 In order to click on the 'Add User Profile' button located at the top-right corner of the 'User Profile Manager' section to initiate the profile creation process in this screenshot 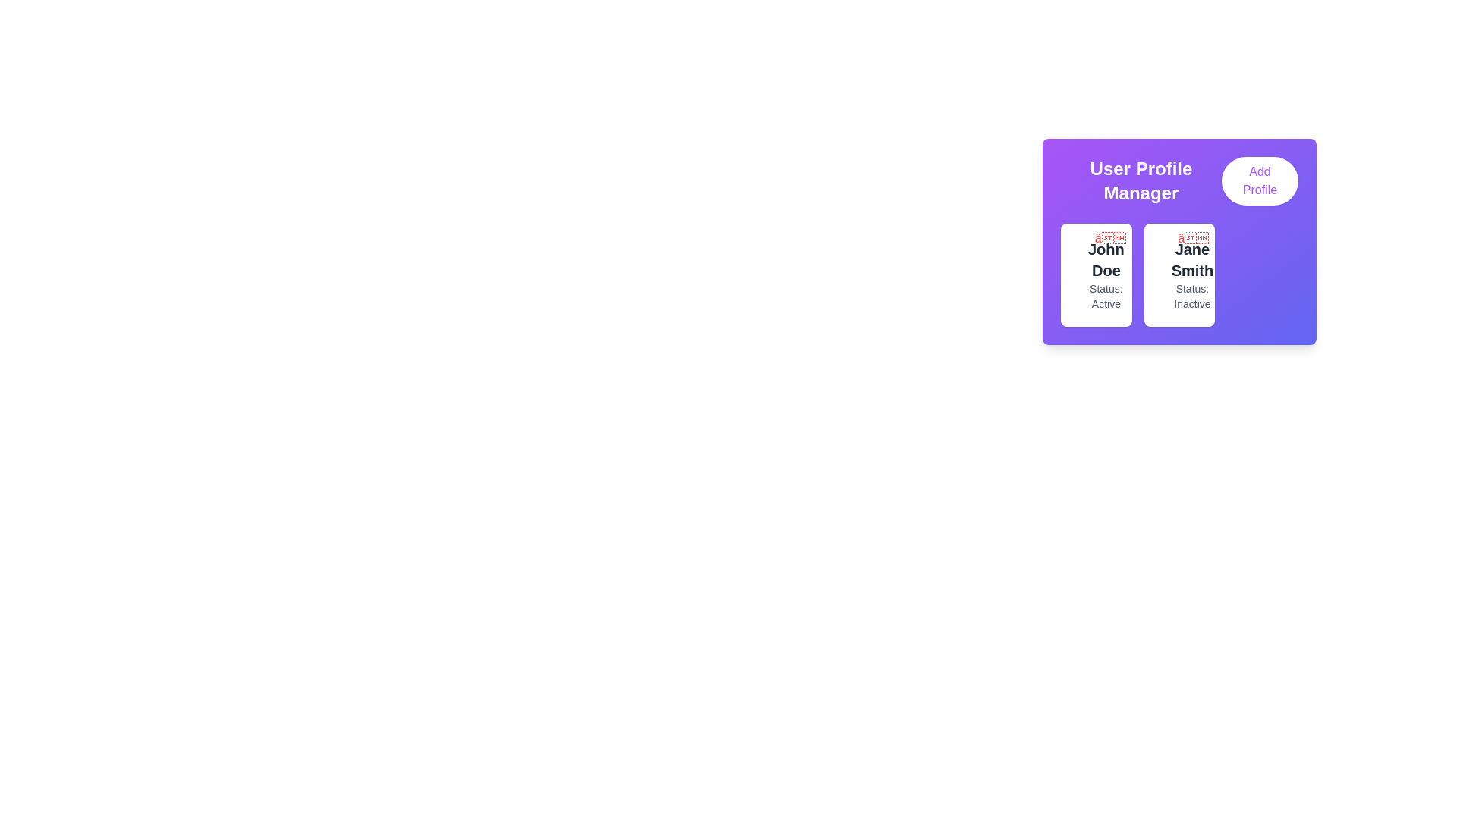, I will do `click(1260, 180)`.